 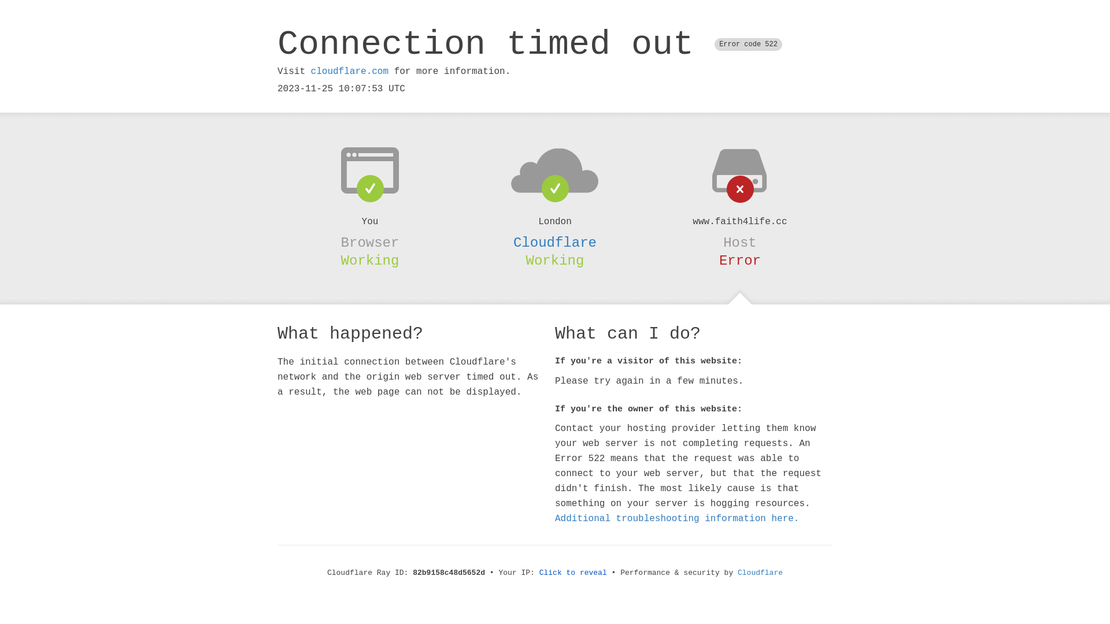 I want to click on 'cloudflare.com', so click(x=349, y=71).